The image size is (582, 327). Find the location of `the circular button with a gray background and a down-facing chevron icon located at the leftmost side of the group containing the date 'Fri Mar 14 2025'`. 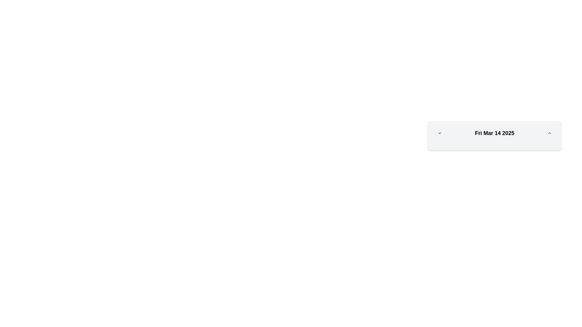

the circular button with a gray background and a down-facing chevron icon located at the leftmost side of the group containing the date 'Fri Mar 14 2025' is located at coordinates (440, 133).